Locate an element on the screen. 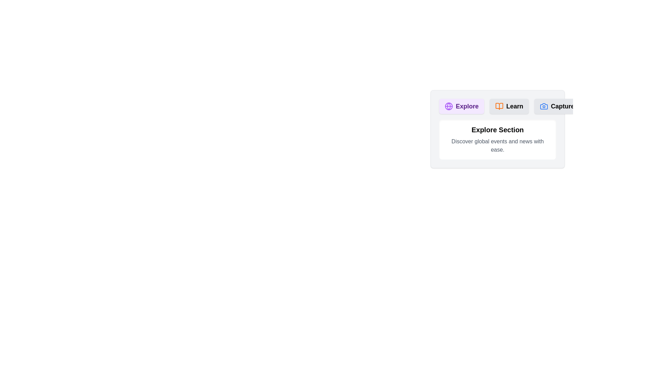  the tab labeled Capture to activate it is located at coordinates (557, 106).